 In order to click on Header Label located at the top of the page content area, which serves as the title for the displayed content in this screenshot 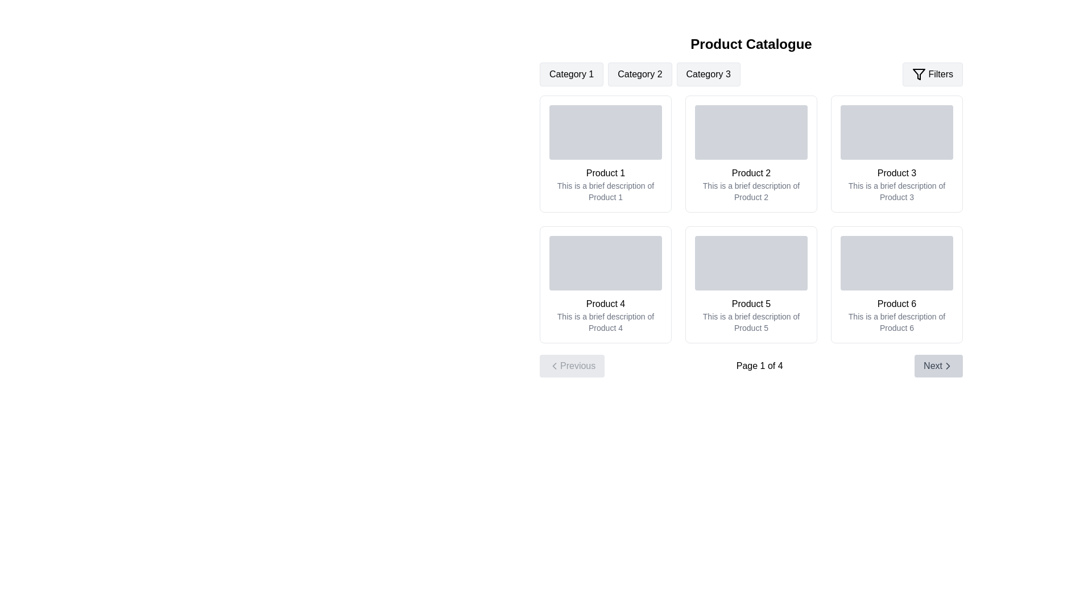, I will do `click(751, 43)`.